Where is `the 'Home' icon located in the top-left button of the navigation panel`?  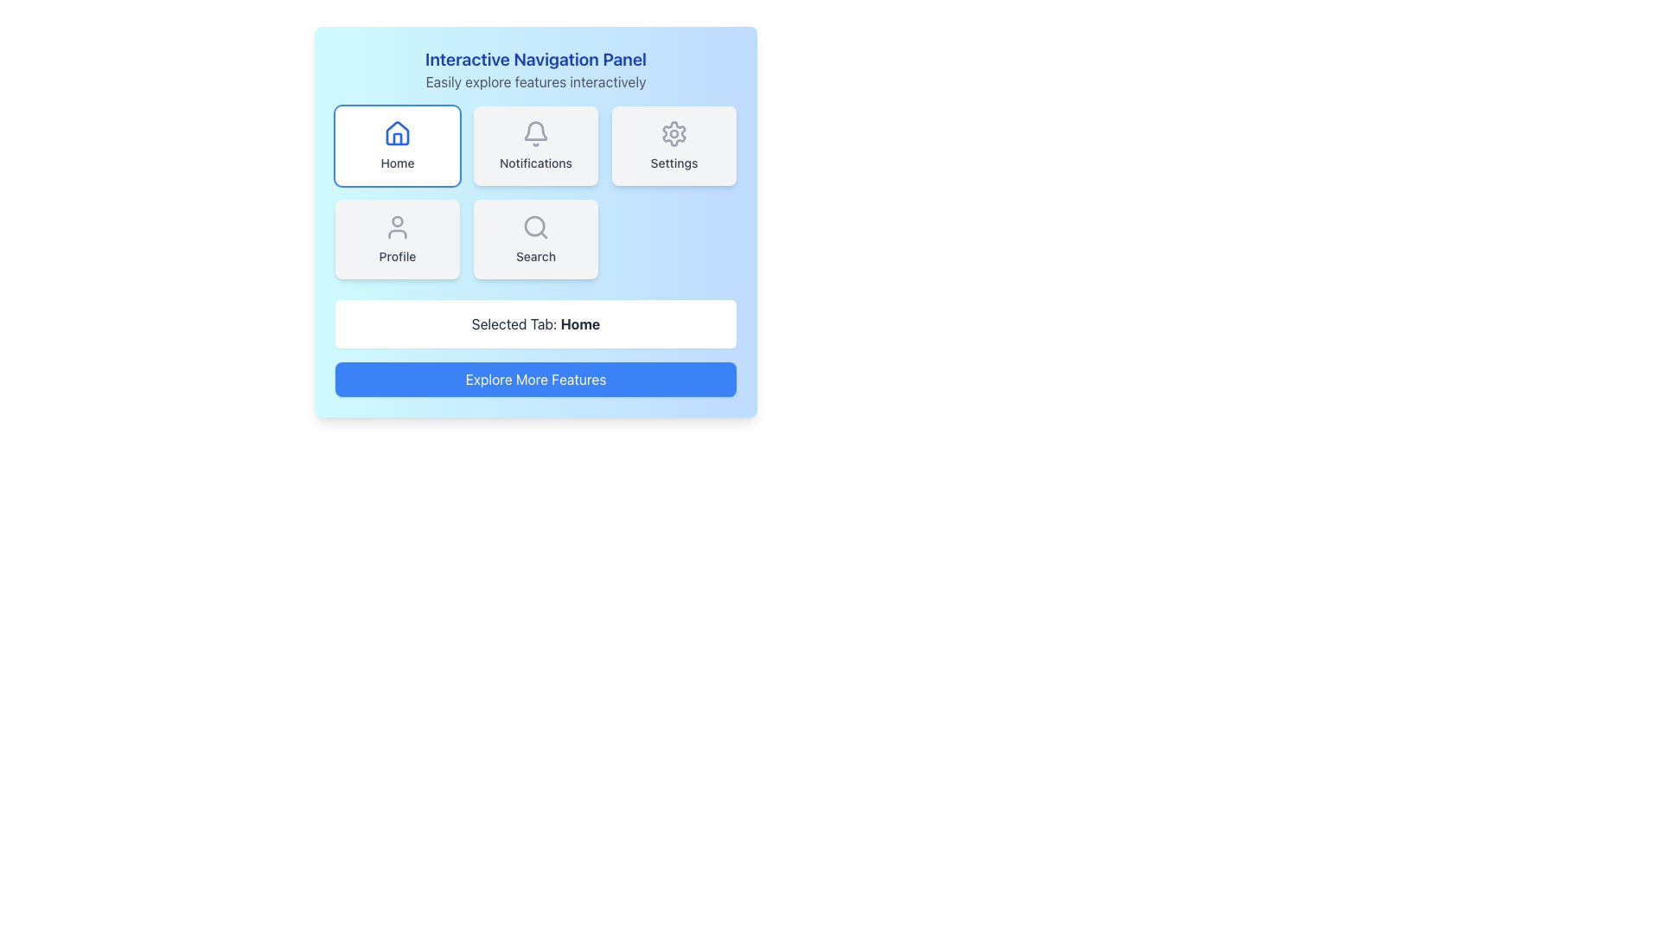
the 'Home' icon located in the top-left button of the navigation panel is located at coordinates (397, 132).